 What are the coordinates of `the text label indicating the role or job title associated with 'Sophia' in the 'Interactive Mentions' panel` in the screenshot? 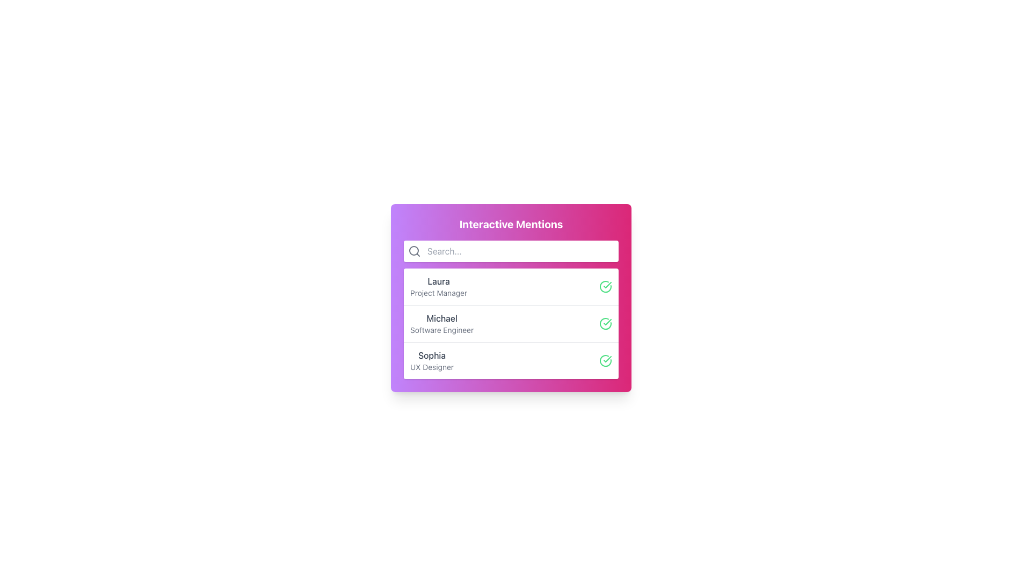 It's located at (432, 366).